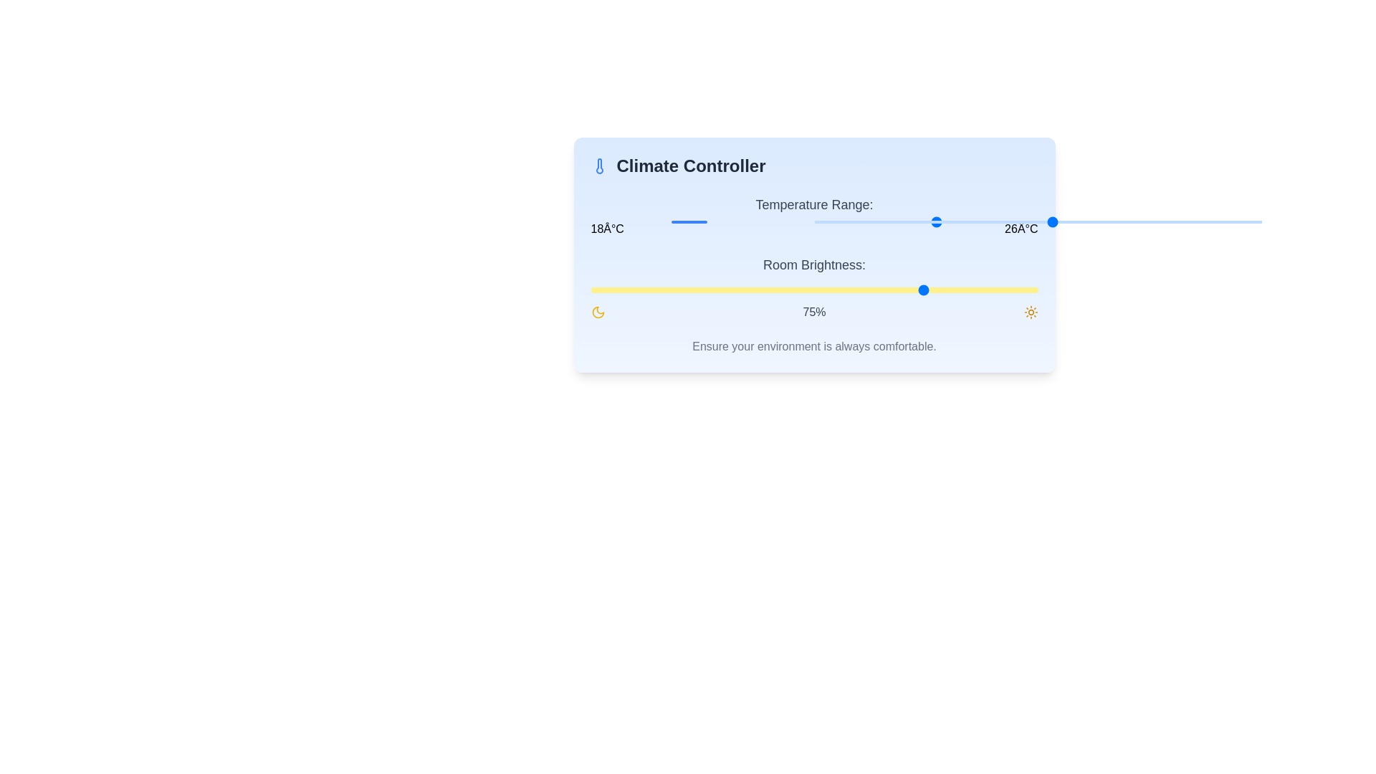  I want to click on the blue thermometer icon located at the top left of the 'Climate Controller' section, which represents the section visually, so click(599, 165).